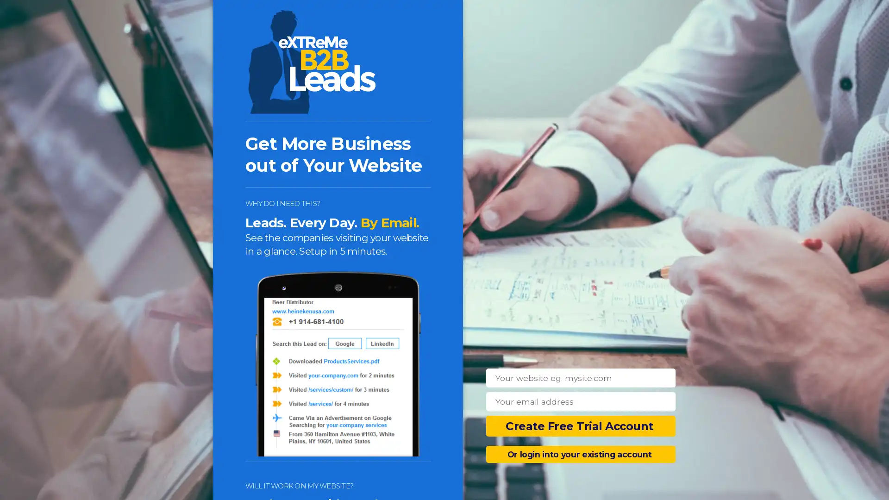 Image resolution: width=889 pixels, height=500 pixels. What do you see at coordinates (580, 426) in the screenshot?
I see `Create Free Trial Account` at bounding box center [580, 426].